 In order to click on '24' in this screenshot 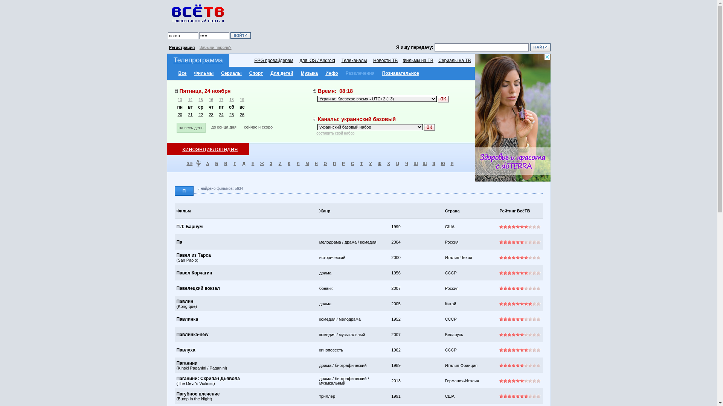, I will do `click(220, 114)`.